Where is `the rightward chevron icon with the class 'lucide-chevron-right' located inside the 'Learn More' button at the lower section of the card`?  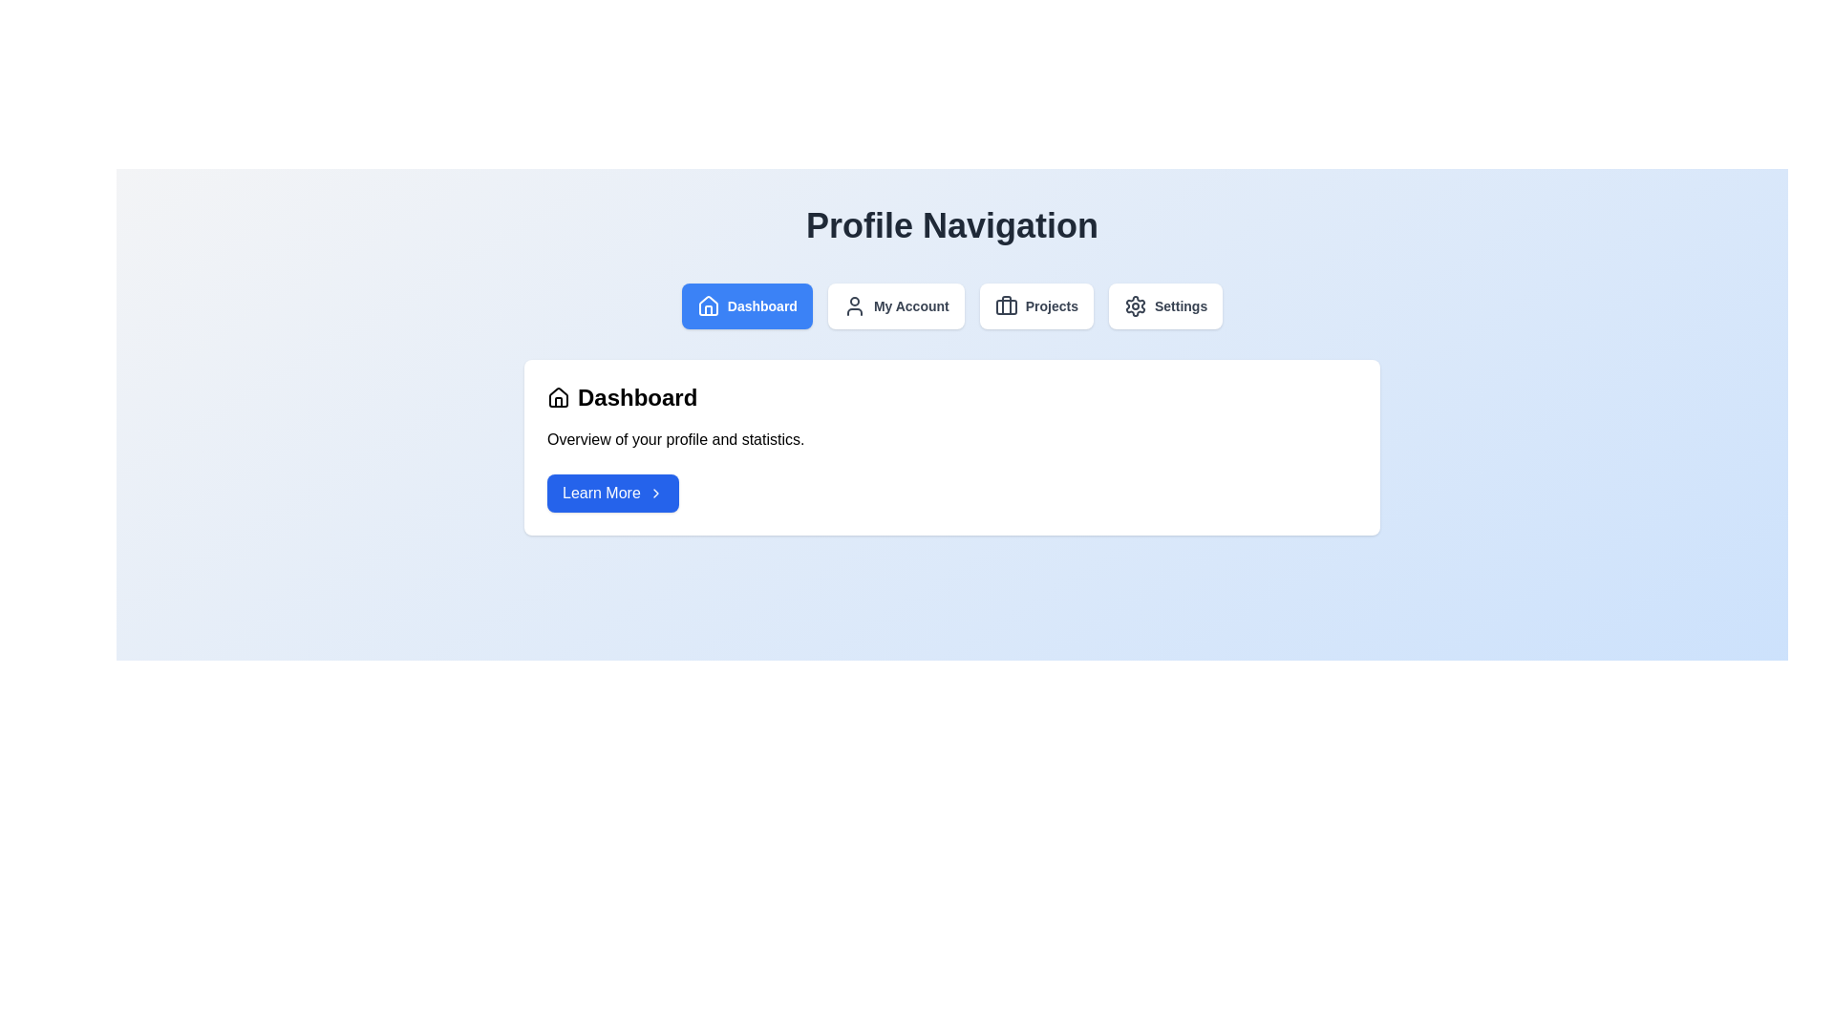 the rightward chevron icon with the class 'lucide-chevron-right' located inside the 'Learn More' button at the lower section of the card is located at coordinates (655, 492).